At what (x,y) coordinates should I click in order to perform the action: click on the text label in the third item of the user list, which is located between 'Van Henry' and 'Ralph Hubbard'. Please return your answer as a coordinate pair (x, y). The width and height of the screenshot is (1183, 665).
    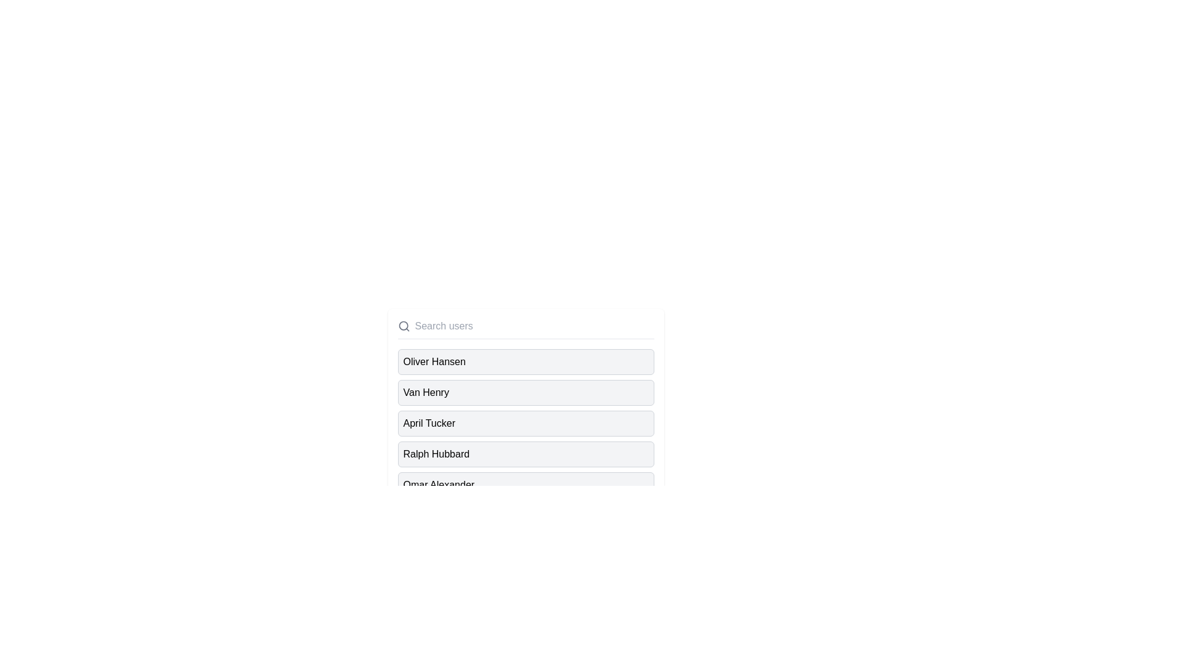
    Looking at the image, I should click on (429, 422).